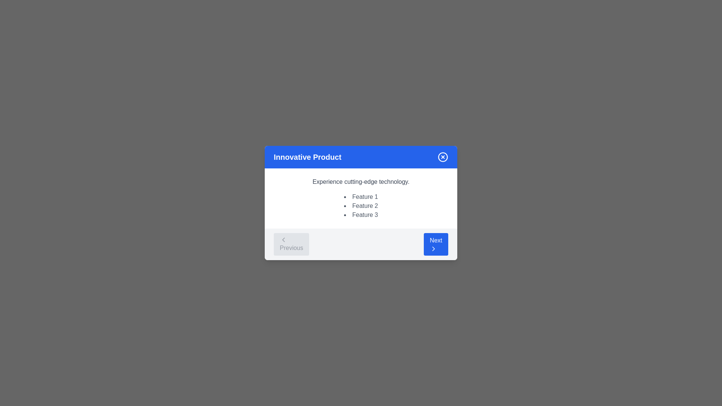 Image resolution: width=722 pixels, height=406 pixels. Describe the element at coordinates (434, 249) in the screenshot. I see `the right-pointing chevron icon located on the right edge of the 'Next' button within a blue circular background` at that location.